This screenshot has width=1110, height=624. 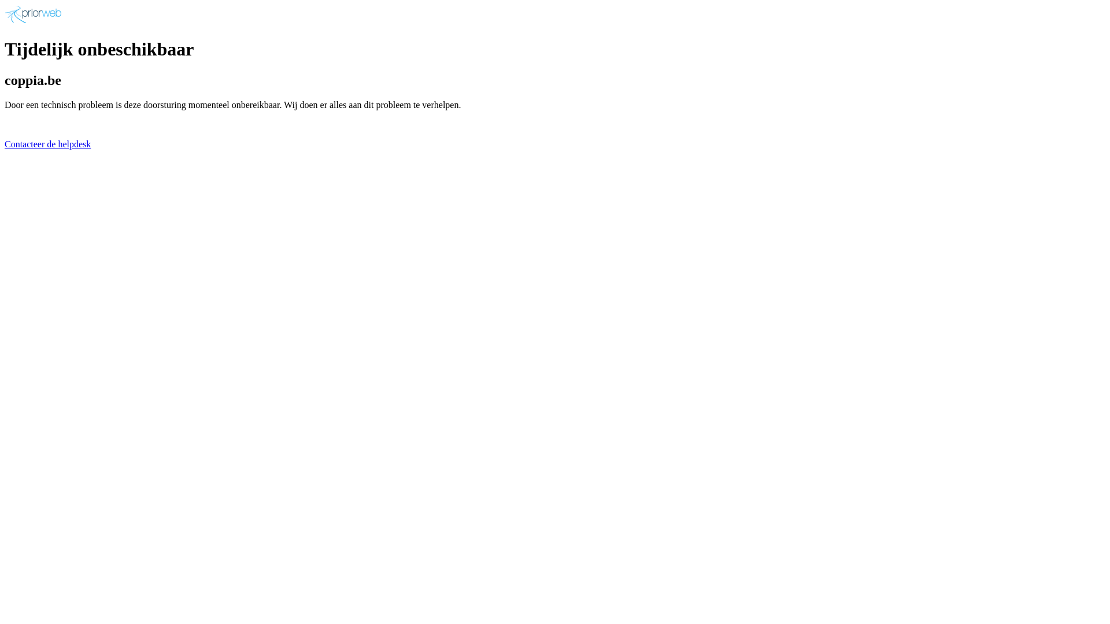 I want to click on 'Contacteer de helpdesk', so click(x=47, y=143).